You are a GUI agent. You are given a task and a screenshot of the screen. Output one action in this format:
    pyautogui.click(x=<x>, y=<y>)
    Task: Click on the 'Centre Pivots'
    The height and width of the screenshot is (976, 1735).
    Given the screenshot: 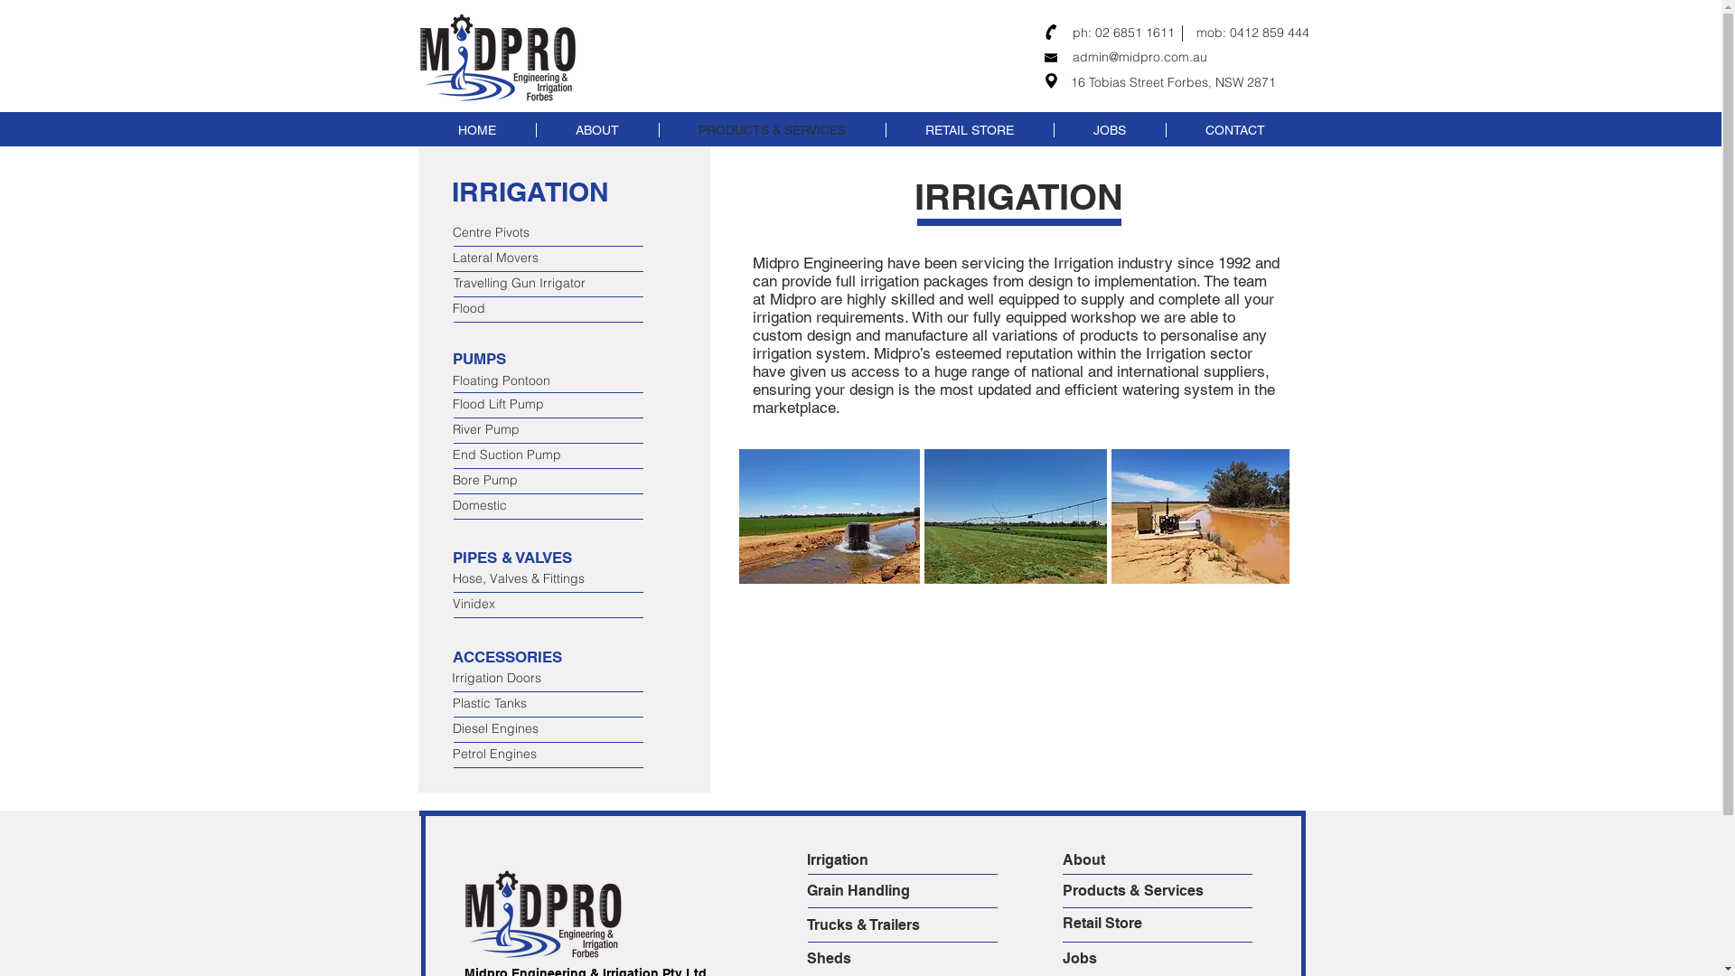 What is the action you would take?
    pyautogui.click(x=546, y=232)
    